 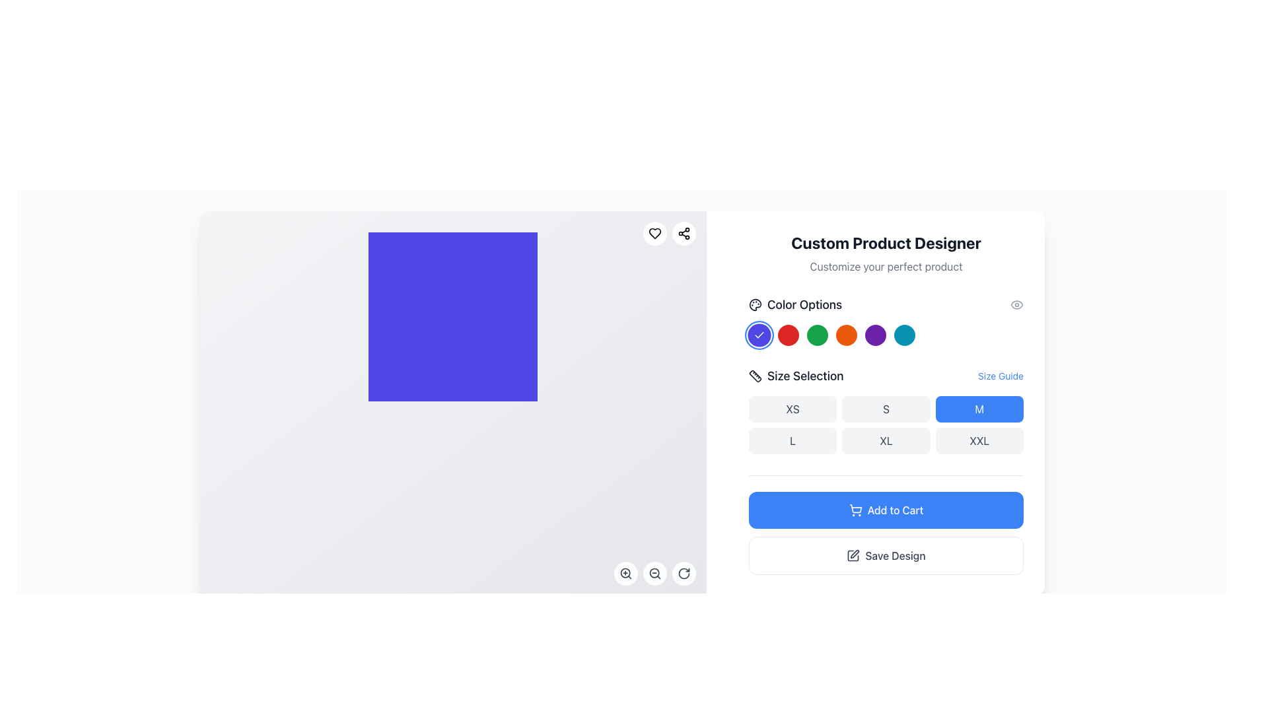 What do you see at coordinates (886, 254) in the screenshot?
I see `Text Display element that features a bold headline 'Custom Product Designer' and a subtitle 'Customize your perfect product', located in the right-side panel of the interface` at bounding box center [886, 254].